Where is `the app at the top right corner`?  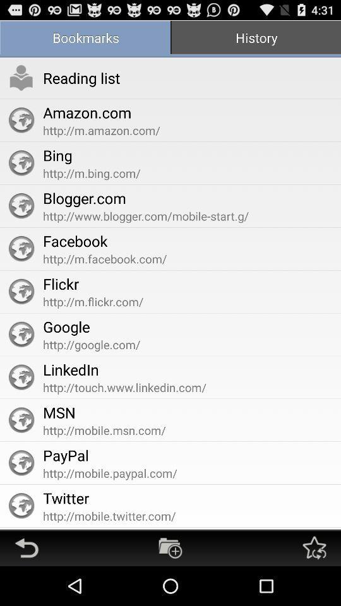
the app at the top right corner is located at coordinates (256, 39).